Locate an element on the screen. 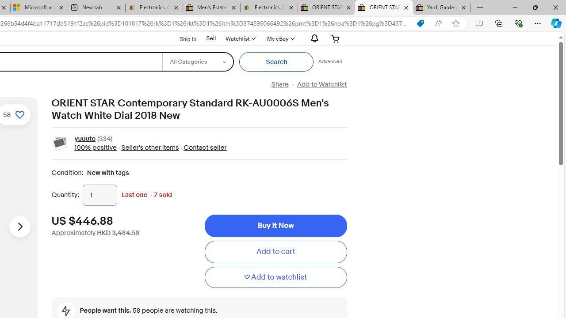  'My eBayExpand My eBay' is located at coordinates (279, 38).